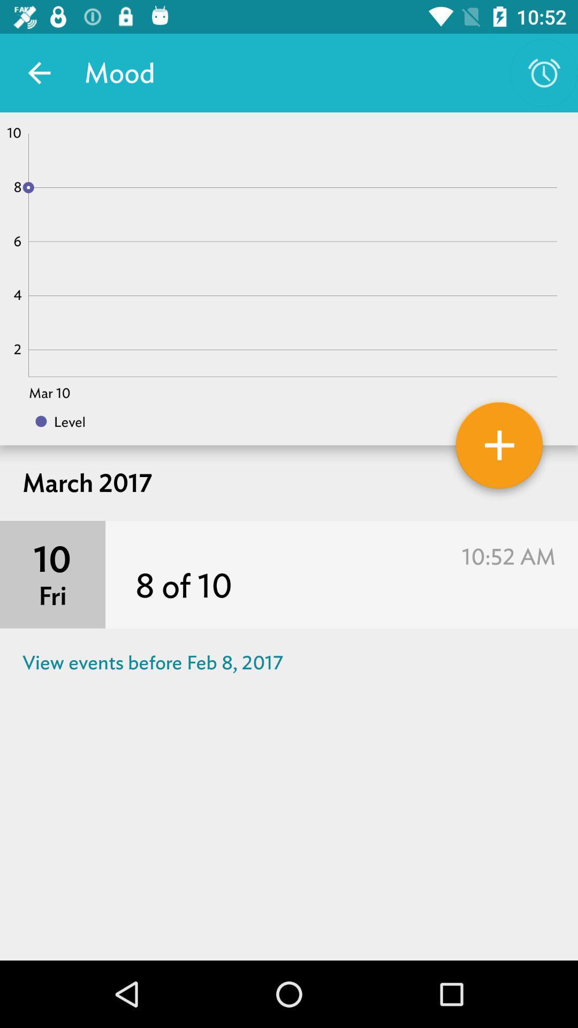 This screenshot has width=578, height=1028. I want to click on event, so click(499, 449).